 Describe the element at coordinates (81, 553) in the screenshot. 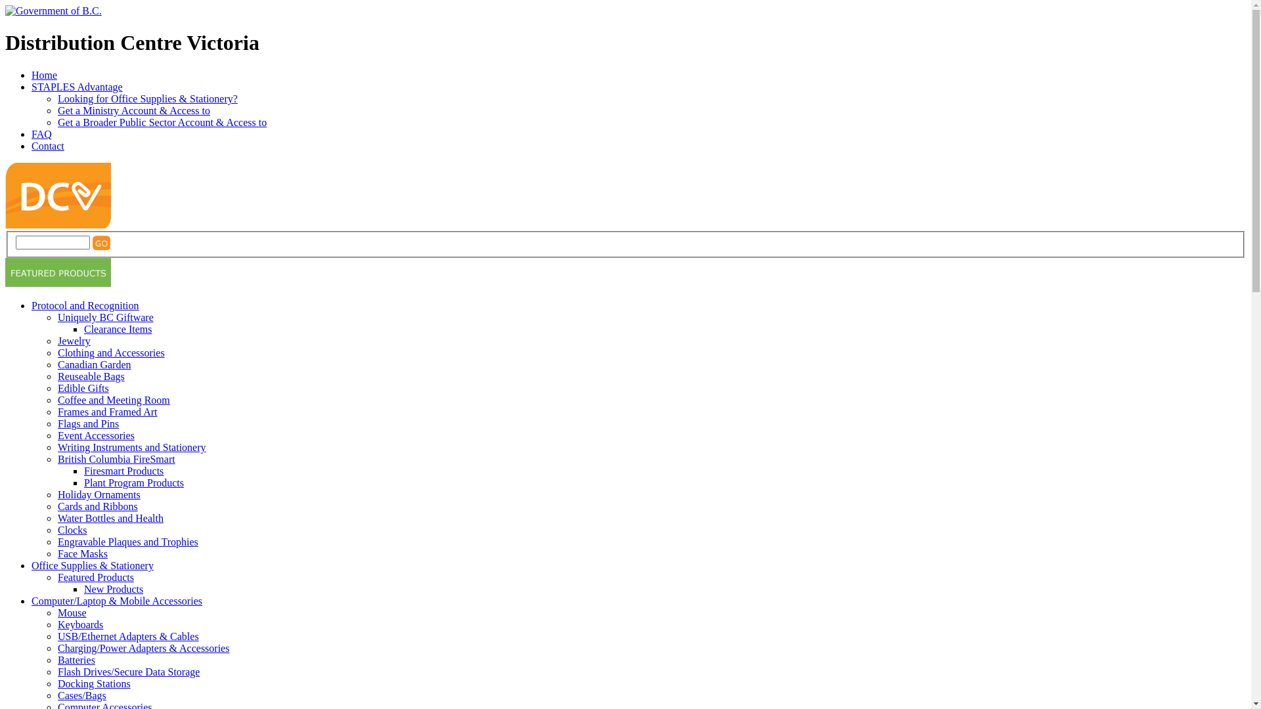

I see `'Face Masks'` at that location.